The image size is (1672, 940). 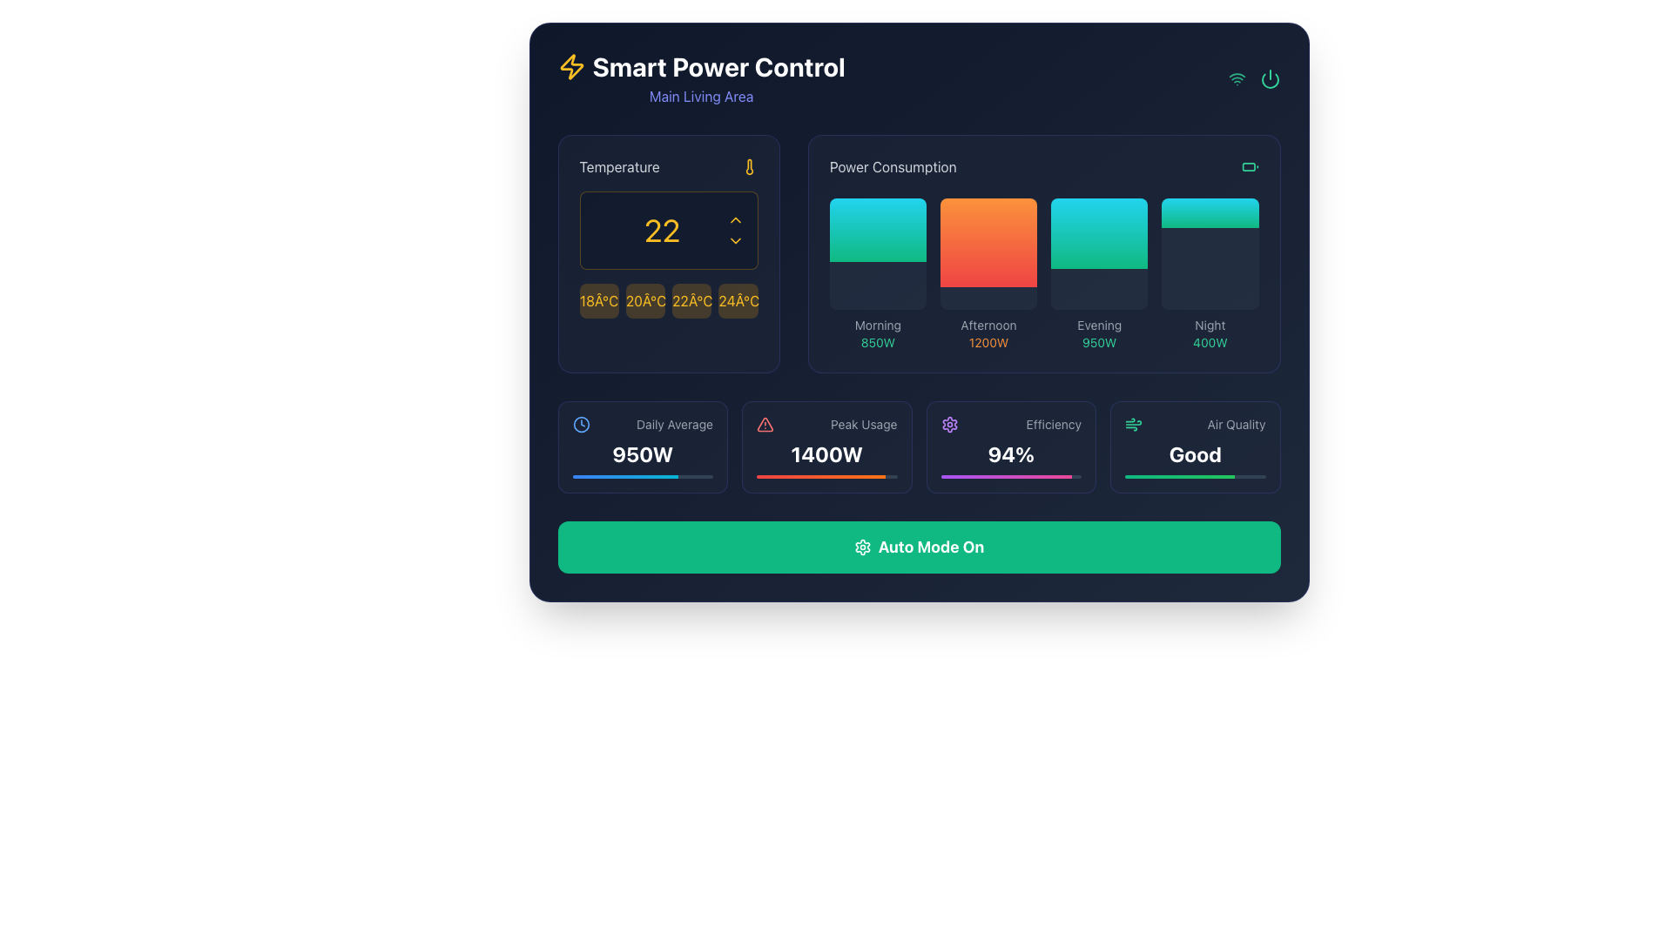 I want to click on efficiency value displayed in the Informative panel located in the lower portion of the interface, between the 'Peak Usage' panel and the 'Air Quality' panel, so click(x=1011, y=446).